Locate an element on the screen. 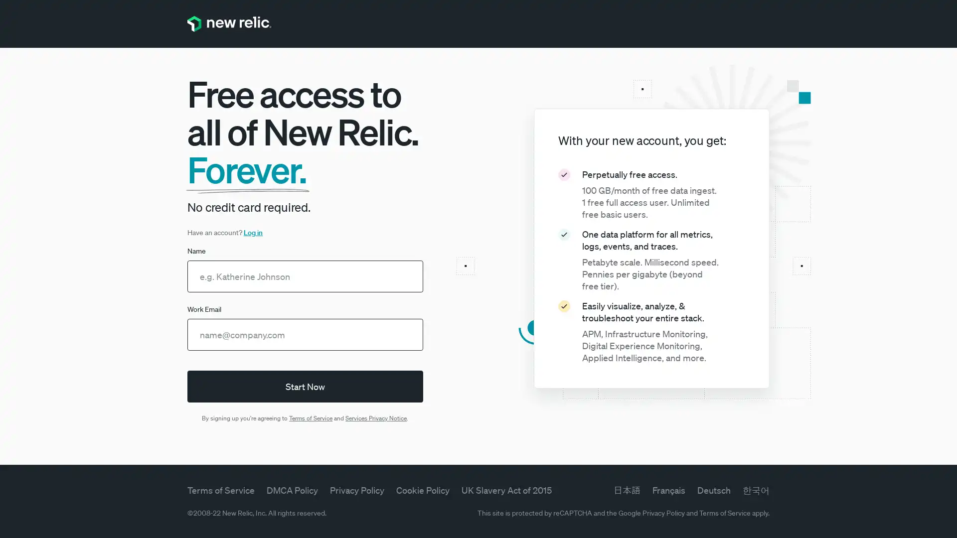  Start Now Start Now is located at coordinates (304, 386).